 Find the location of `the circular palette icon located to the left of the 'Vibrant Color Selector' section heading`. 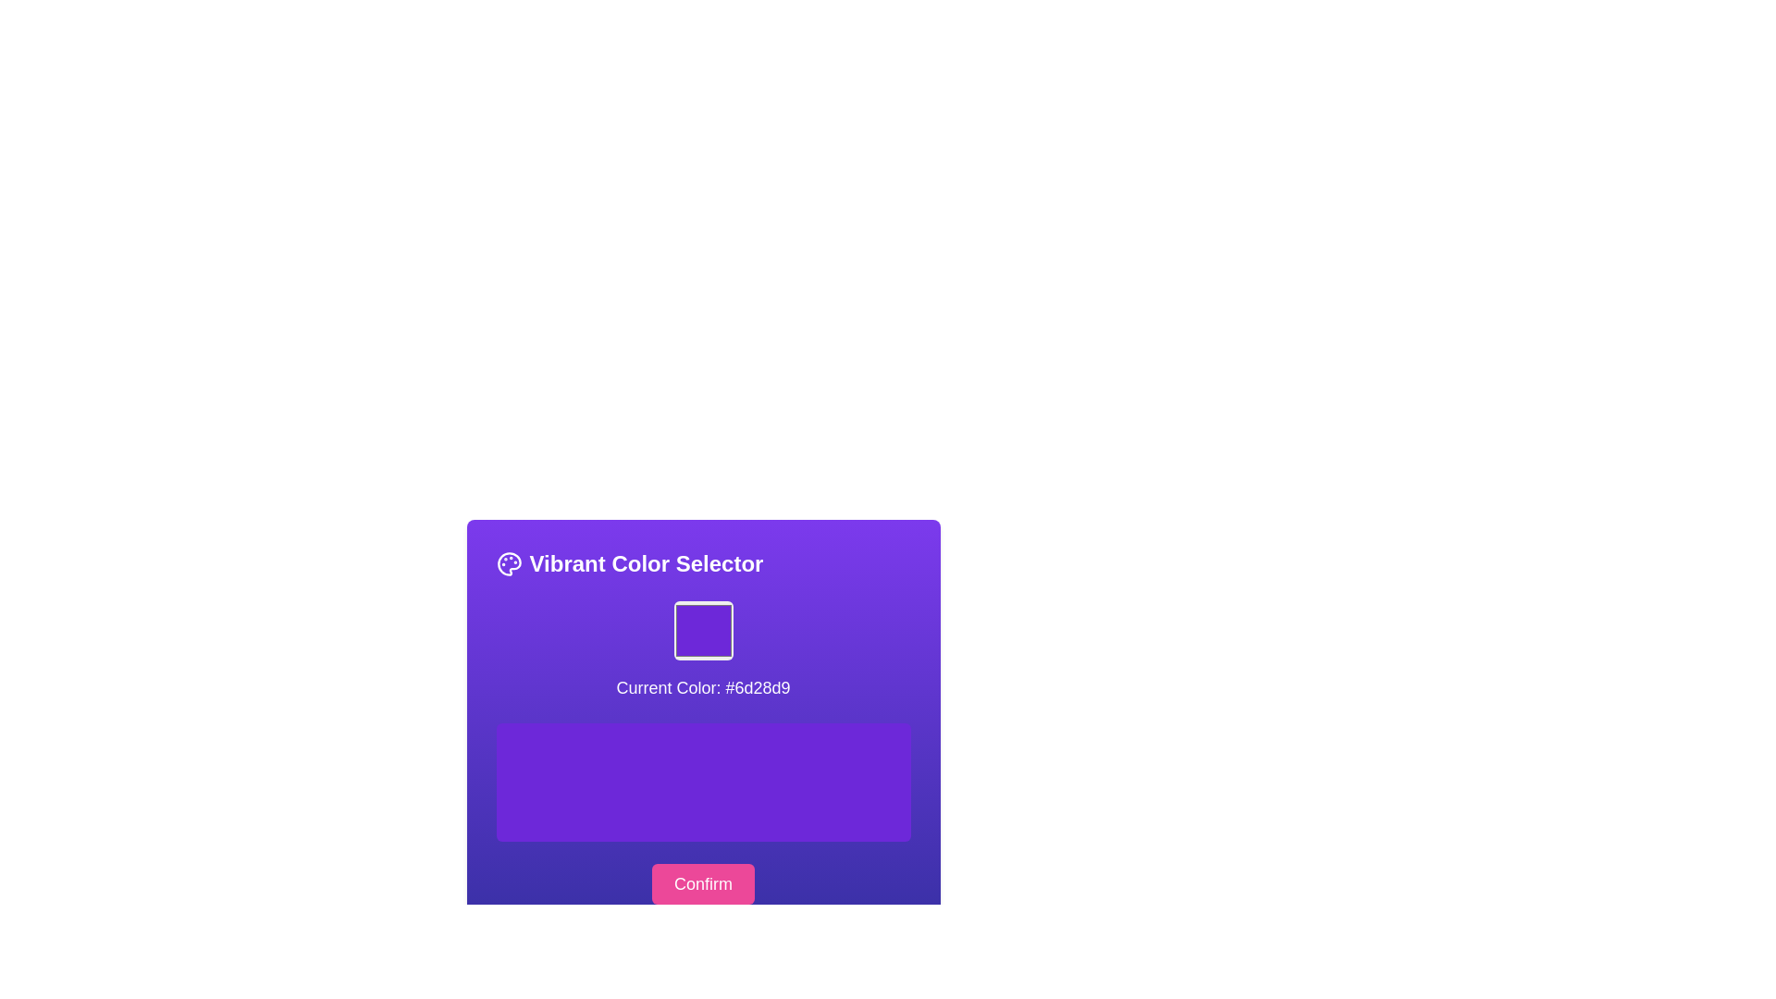

the circular palette icon located to the left of the 'Vibrant Color Selector' section heading is located at coordinates (509, 562).